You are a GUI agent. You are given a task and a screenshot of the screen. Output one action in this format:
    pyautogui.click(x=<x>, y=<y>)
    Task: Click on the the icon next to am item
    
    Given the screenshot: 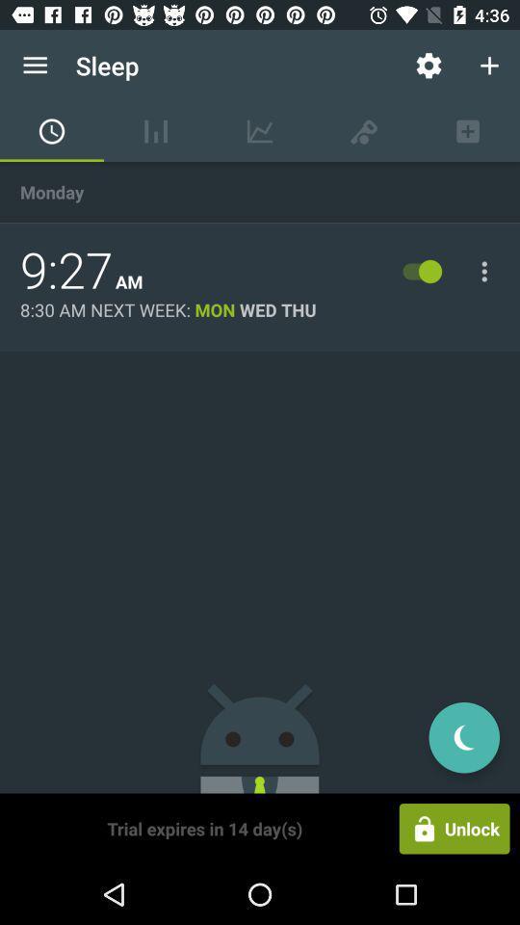 What is the action you would take?
    pyautogui.click(x=65, y=270)
    